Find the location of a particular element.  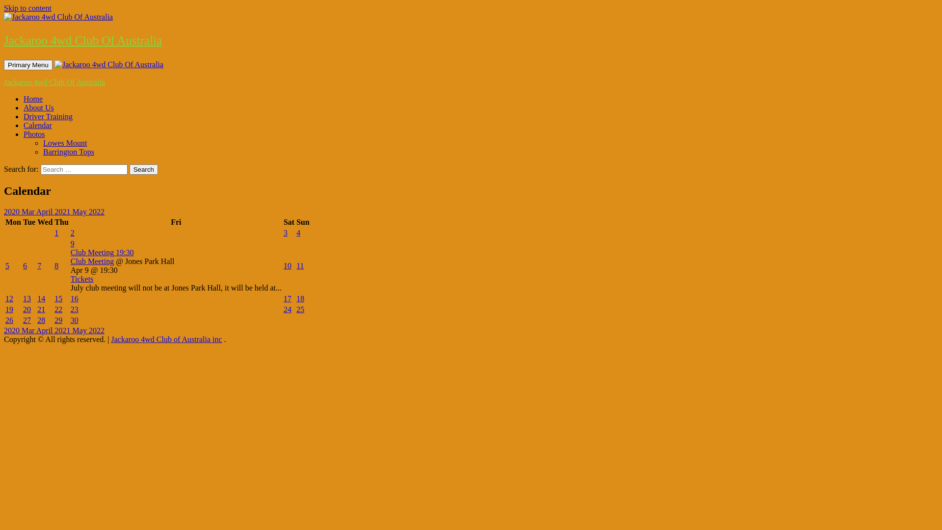

'Club Meeting' is located at coordinates (92, 261).